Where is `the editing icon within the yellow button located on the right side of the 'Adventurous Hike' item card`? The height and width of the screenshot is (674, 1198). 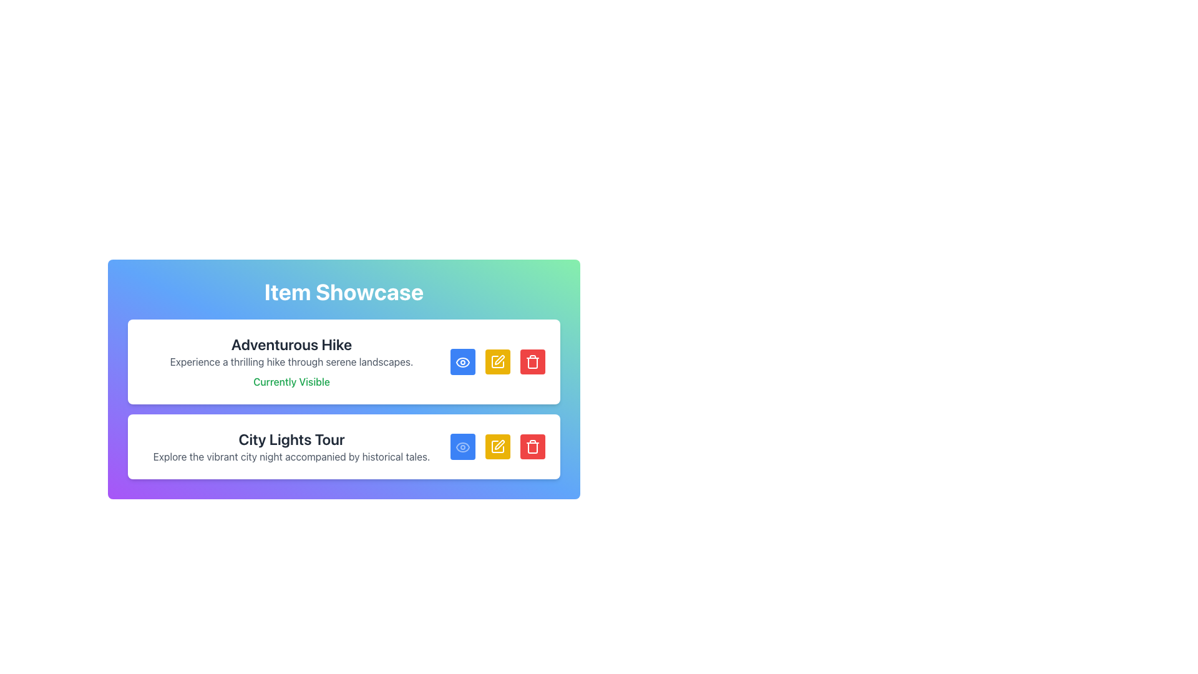
the editing icon within the yellow button located on the right side of the 'Adventurous Hike' item card is located at coordinates (497, 361).